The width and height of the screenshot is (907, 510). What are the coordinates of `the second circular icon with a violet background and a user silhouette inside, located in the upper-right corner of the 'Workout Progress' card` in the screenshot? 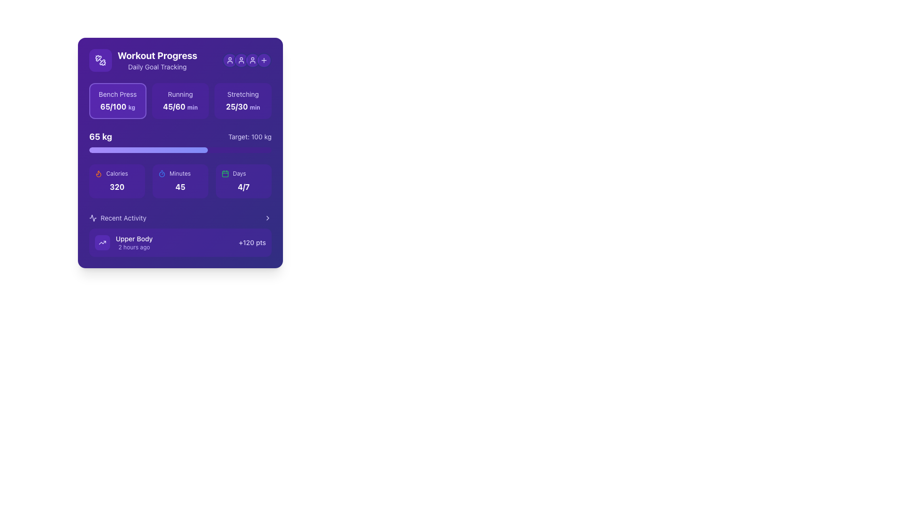 It's located at (241, 60).